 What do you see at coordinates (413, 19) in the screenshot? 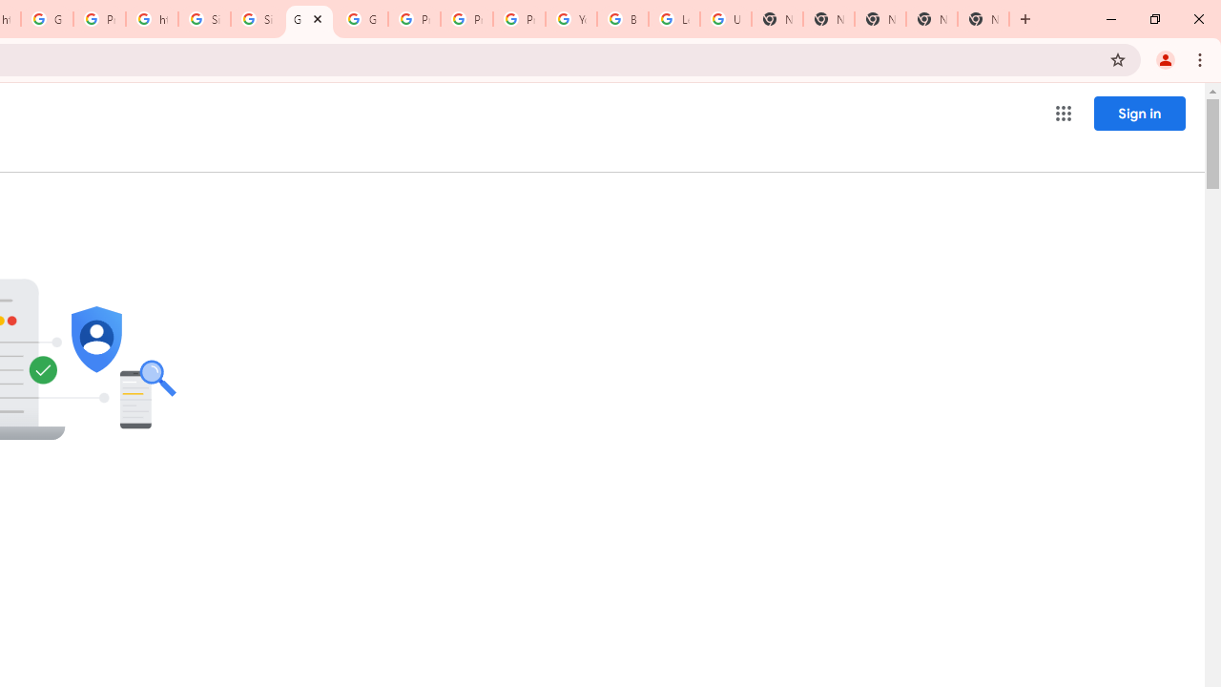
I see `'Privacy Help Center - Policies Help'` at bounding box center [413, 19].